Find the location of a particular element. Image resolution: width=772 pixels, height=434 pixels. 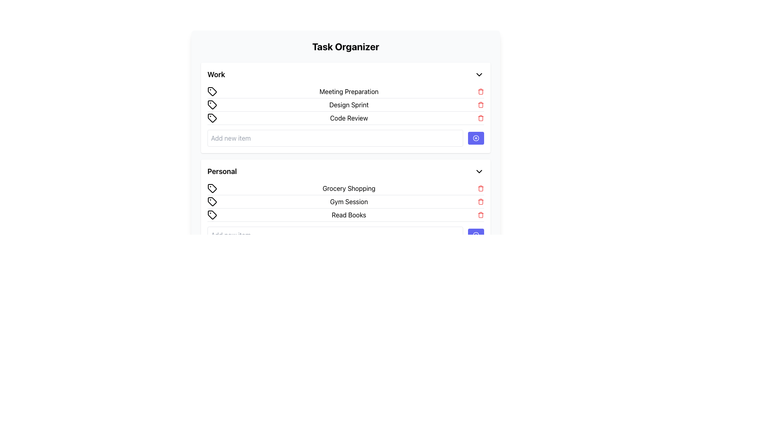

the first list item in the 'Work' section, which represents the task 'Meeting Preparation' is located at coordinates (345, 91).